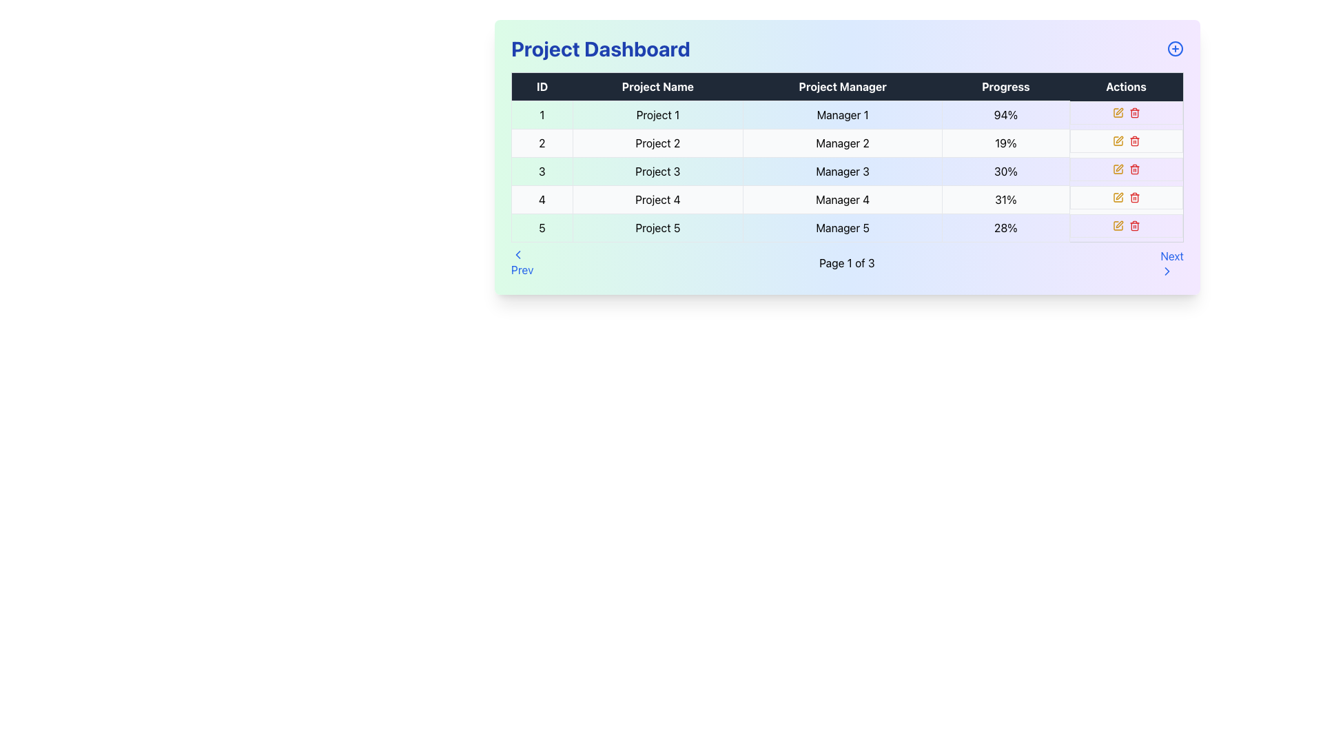 This screenshot has width=1323, height=744. I want to click on the 'Next' button located at the bottom right corner of the pagination bar, so click(1171, 262).